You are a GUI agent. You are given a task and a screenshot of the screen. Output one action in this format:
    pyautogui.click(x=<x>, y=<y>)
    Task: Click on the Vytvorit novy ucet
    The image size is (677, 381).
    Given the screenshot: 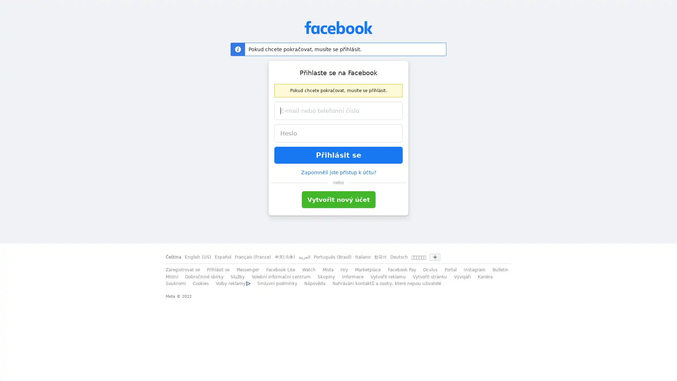 What is the action you would take?
    pyautogui.click(x=338, y=200)
    